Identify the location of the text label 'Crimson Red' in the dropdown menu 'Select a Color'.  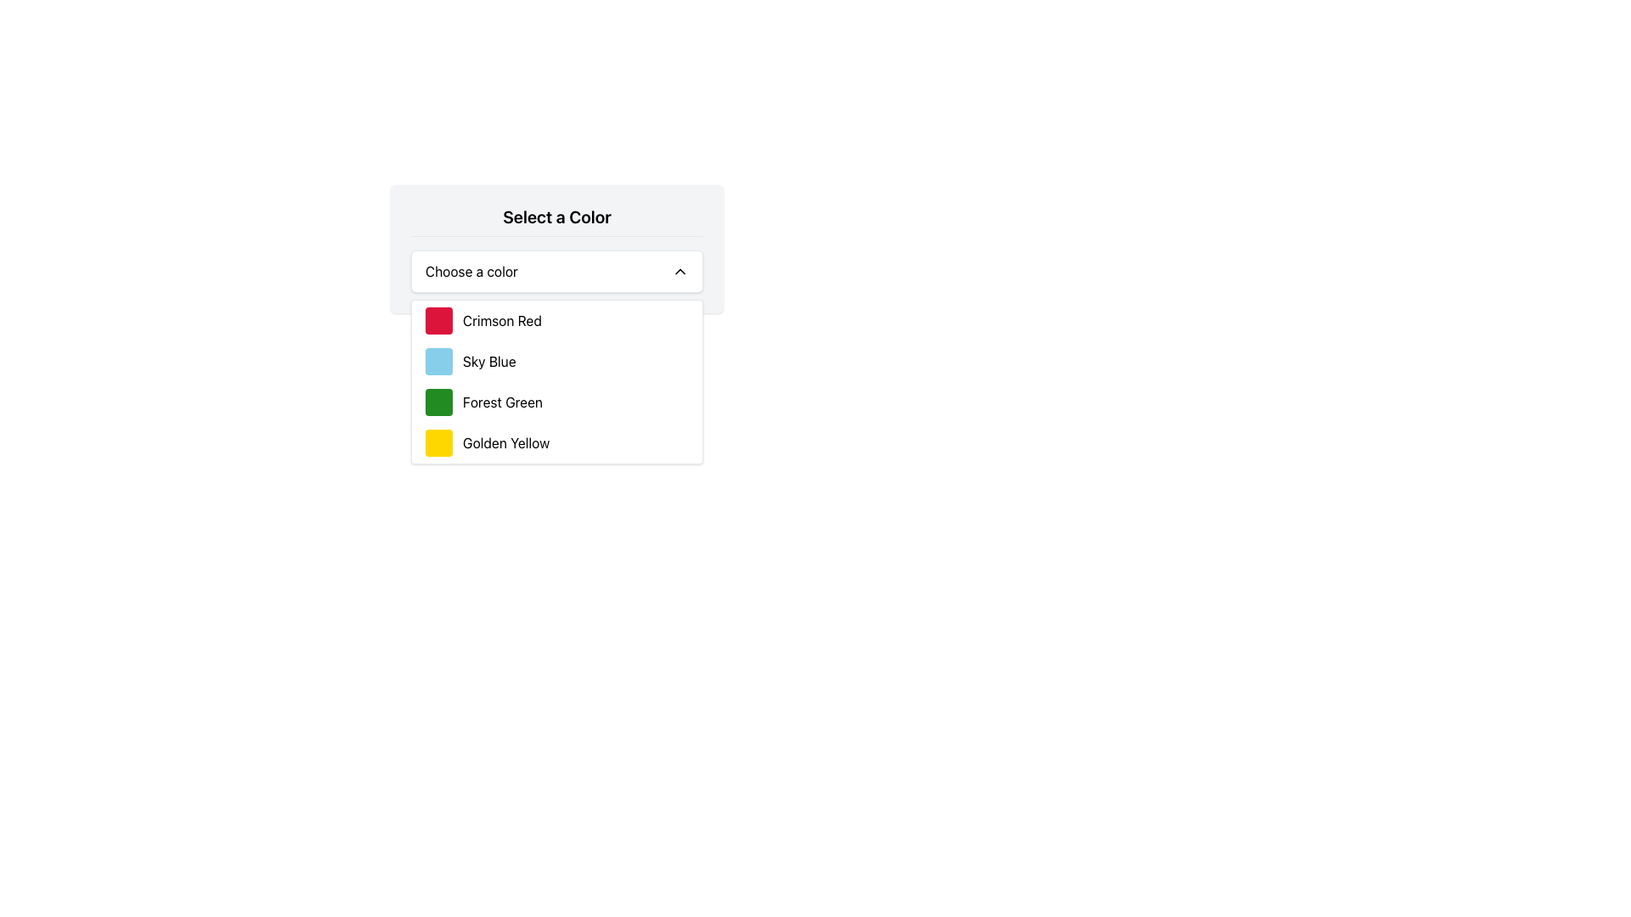
(501, 321).